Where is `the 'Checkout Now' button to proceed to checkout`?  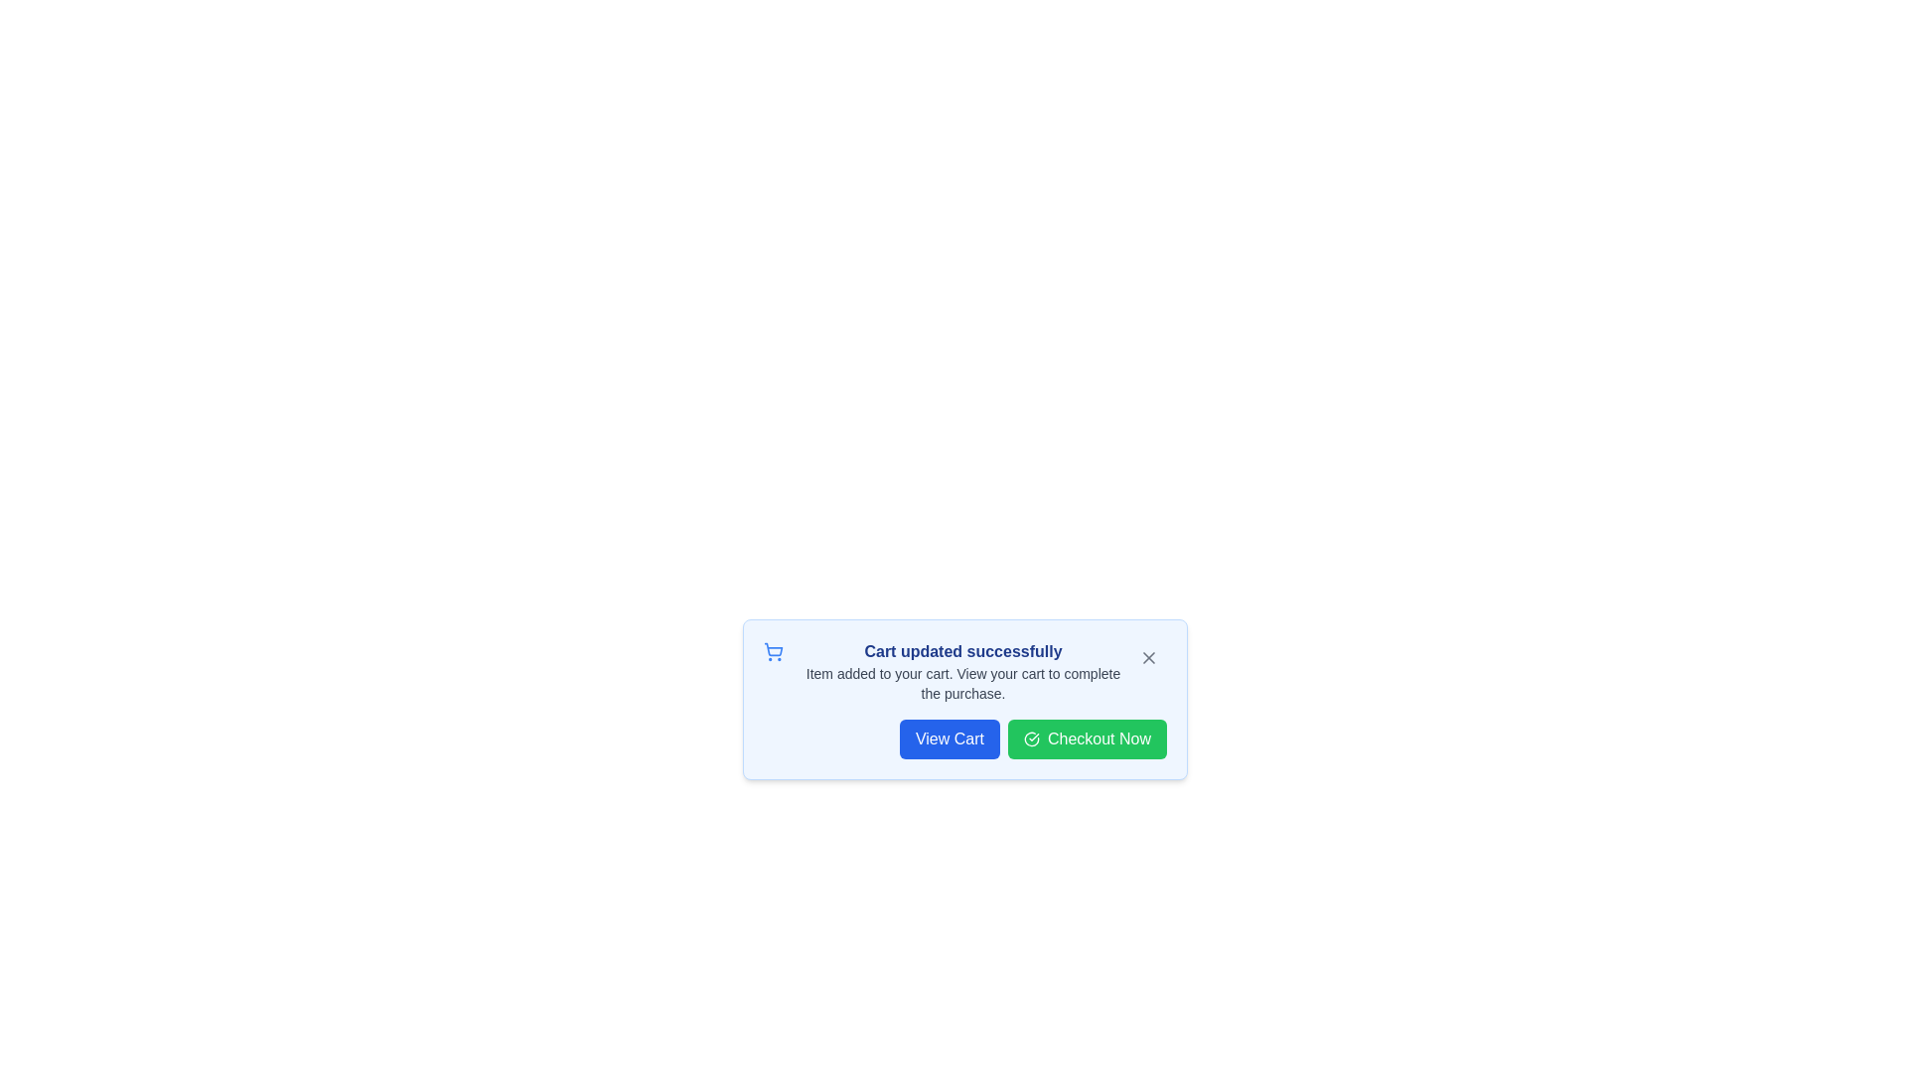
the 'Checkout Now' button to proceed to checkout is located at coordinates (1086, 738).